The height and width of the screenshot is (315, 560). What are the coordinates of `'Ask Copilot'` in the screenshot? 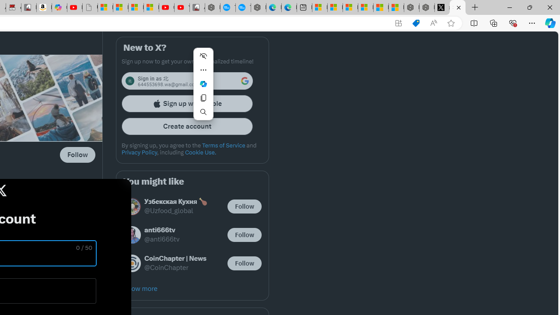 It's located at (203, 84).